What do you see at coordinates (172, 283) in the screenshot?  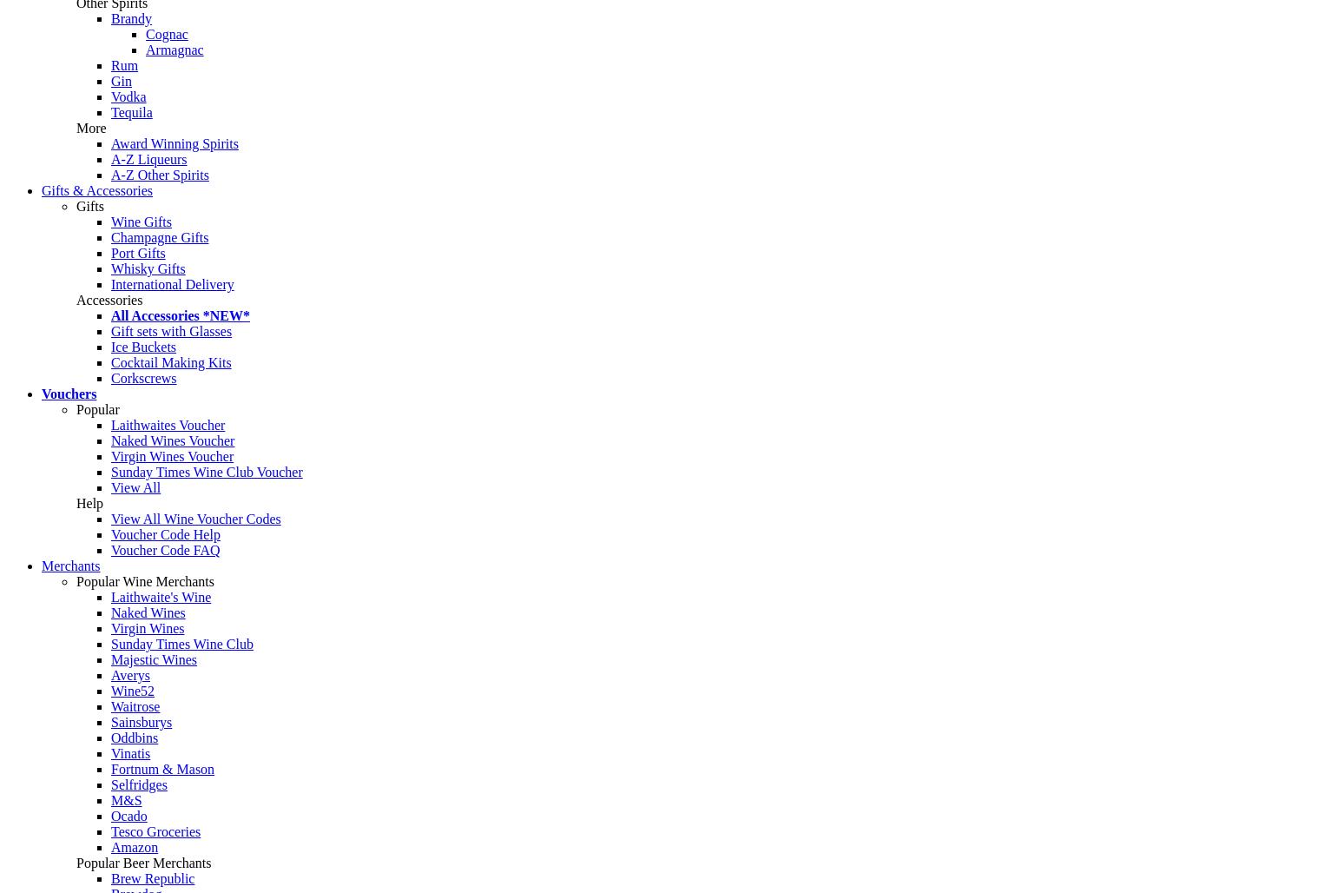 I see `'International Delivery'` at bounding box center [172, 283].